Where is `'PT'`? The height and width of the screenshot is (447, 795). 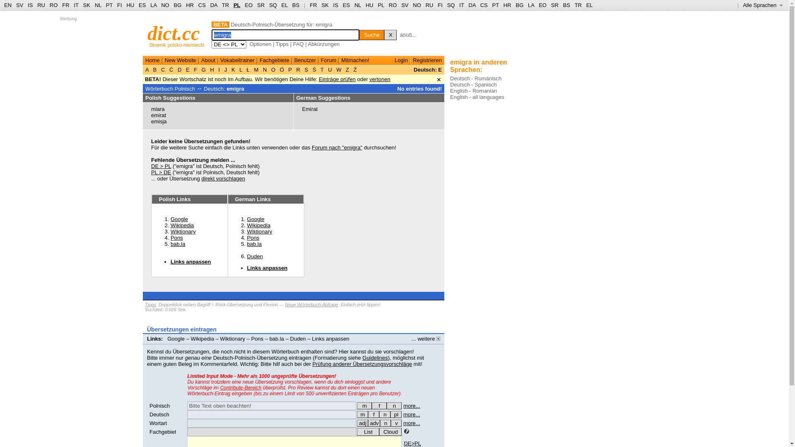
'PT' is located at coordinates (495, 5).